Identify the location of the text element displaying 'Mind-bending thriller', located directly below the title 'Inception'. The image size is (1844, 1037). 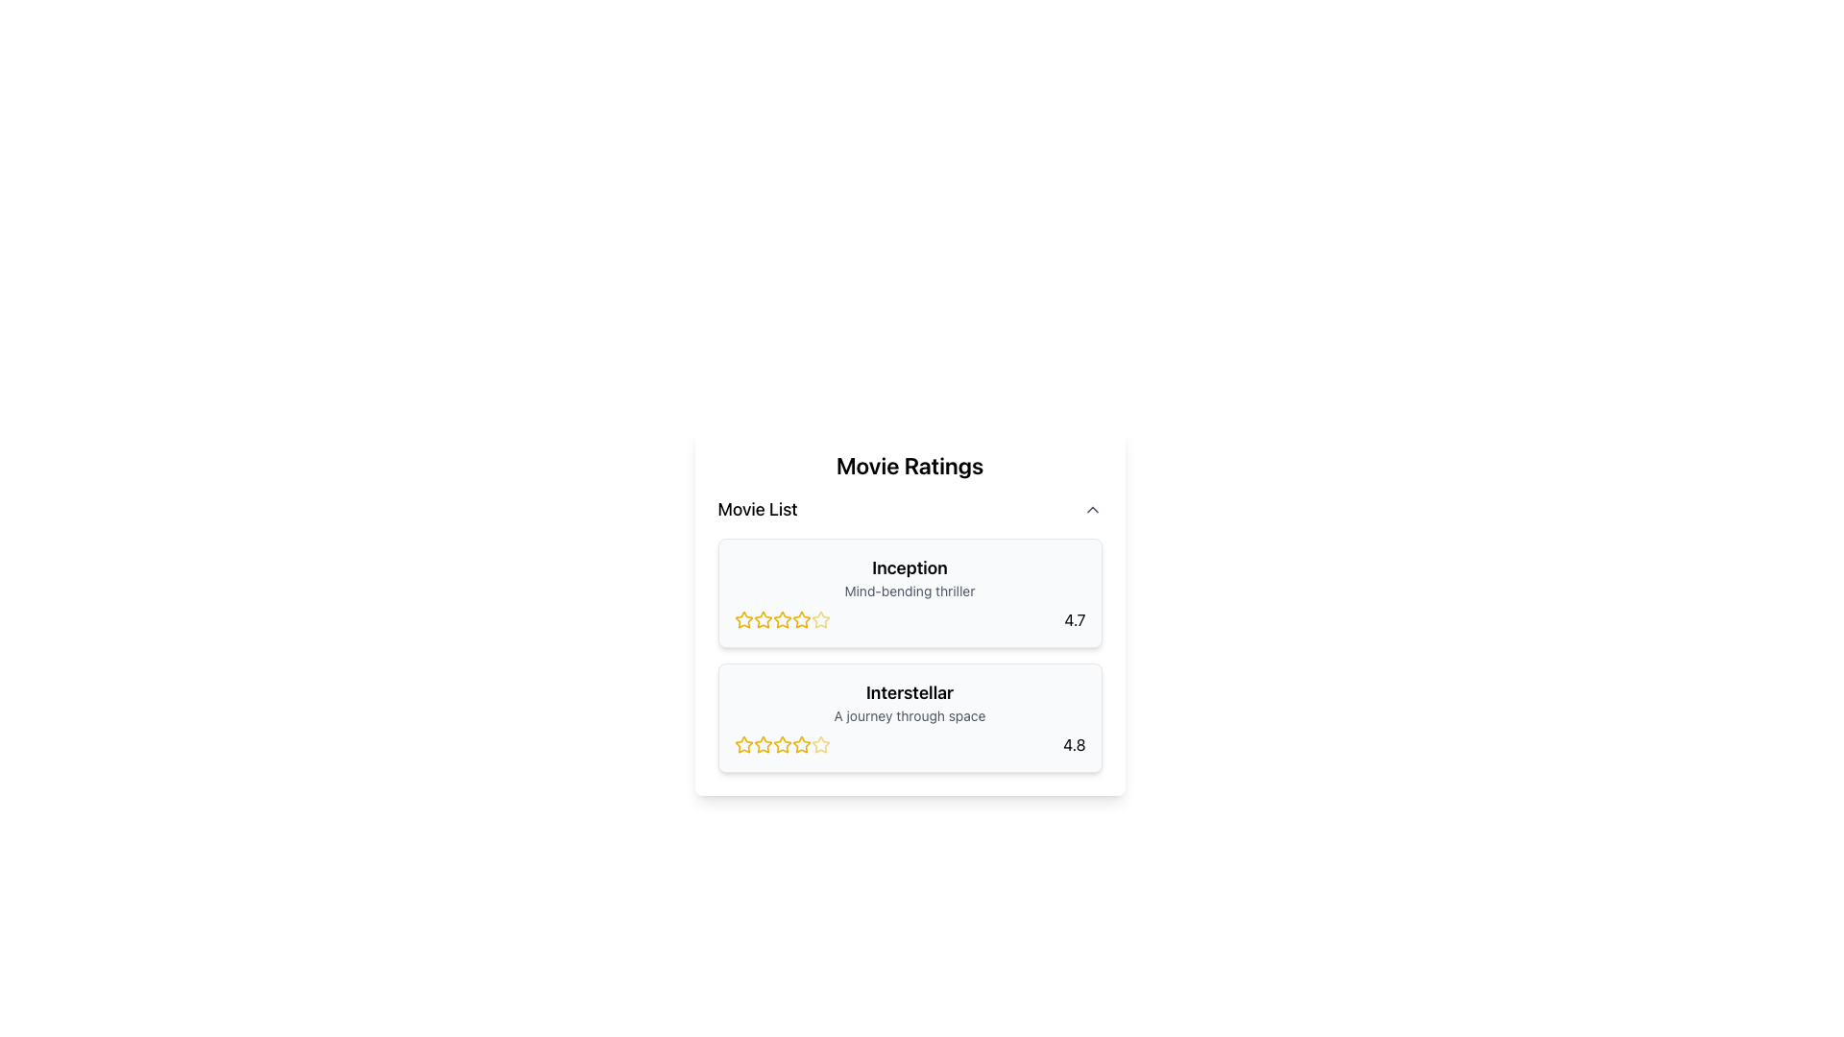
(909, 591).